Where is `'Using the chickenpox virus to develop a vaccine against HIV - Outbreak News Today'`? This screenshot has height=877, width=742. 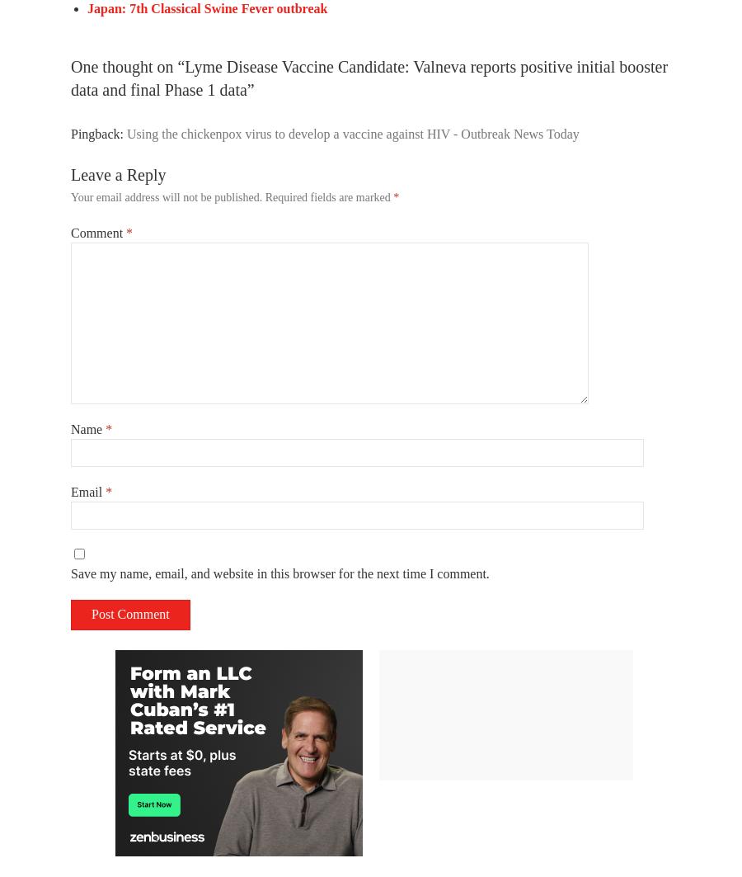 'Using the chickenpox virus to develop a vaccine against HIV - Outbreak News Today' is located at coordinates (126, 133).